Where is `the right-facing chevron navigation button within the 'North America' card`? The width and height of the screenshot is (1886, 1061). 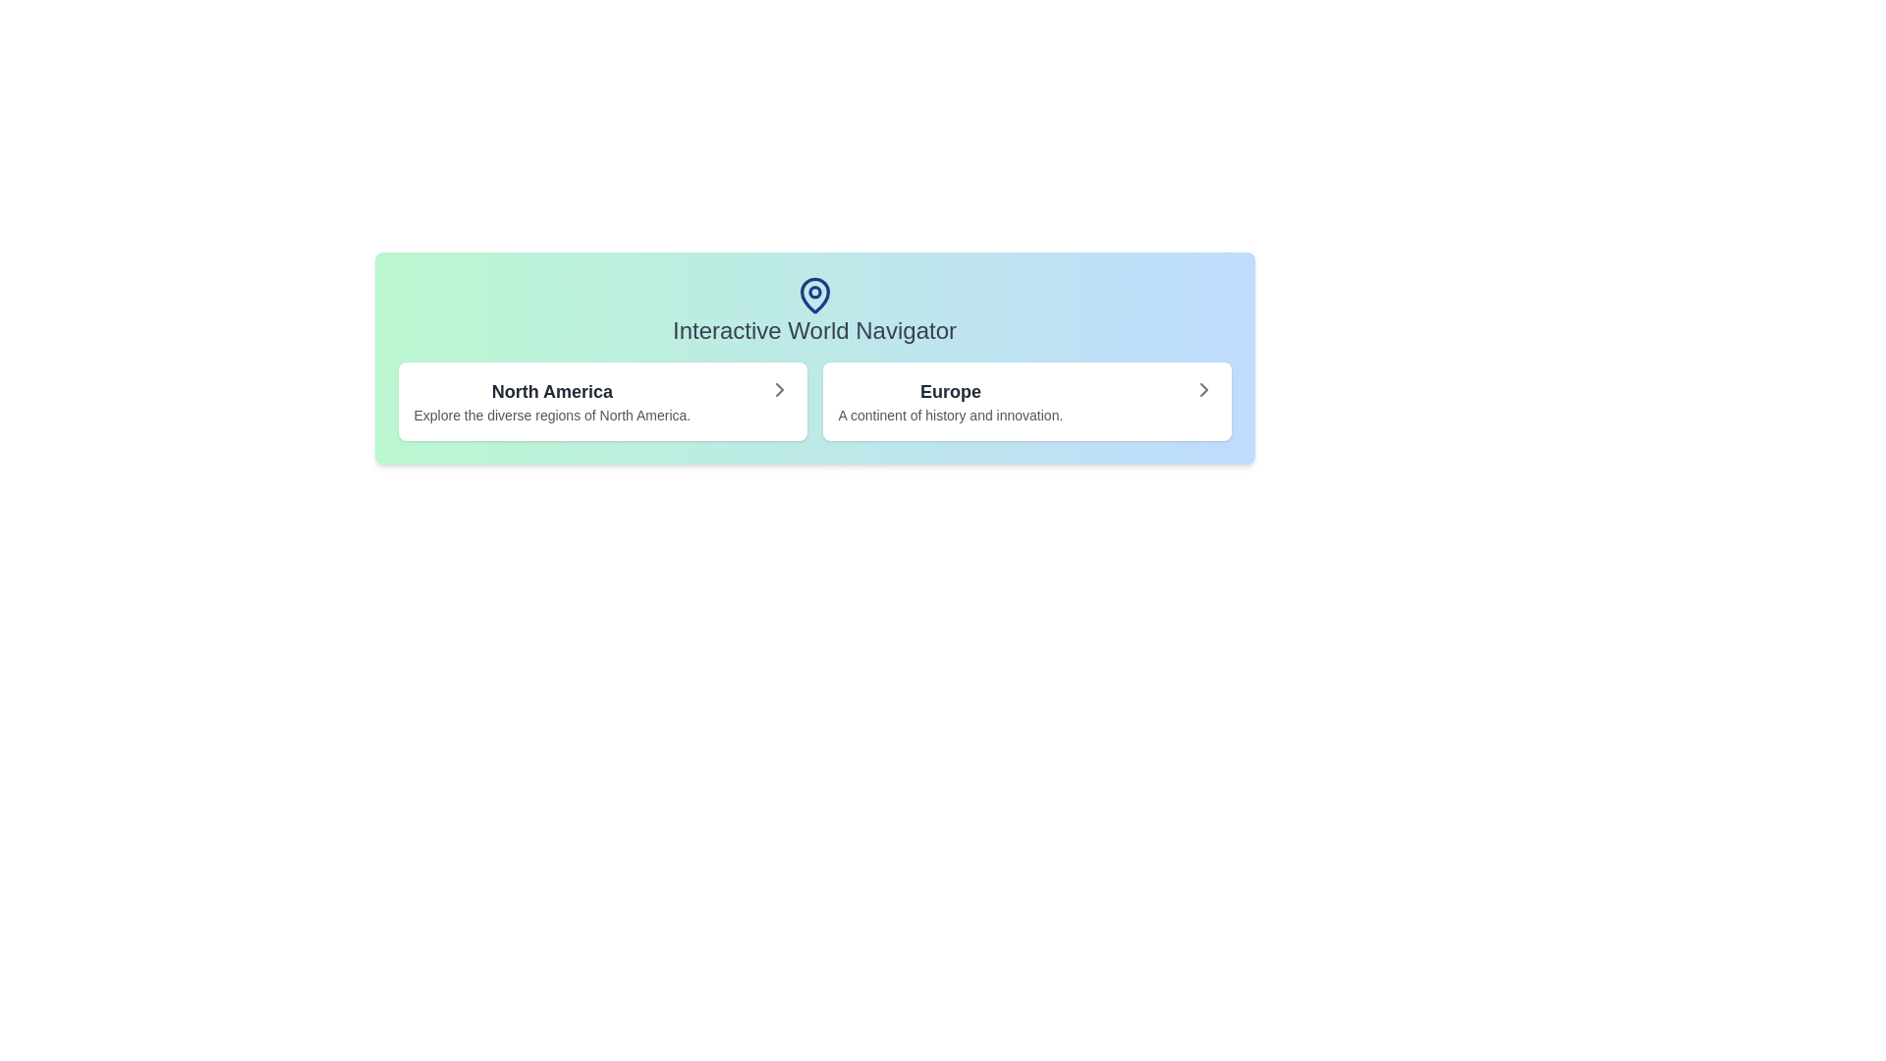
the right-facing chevron navigation button within the 'North America' card is located at coordinates (778, 390).